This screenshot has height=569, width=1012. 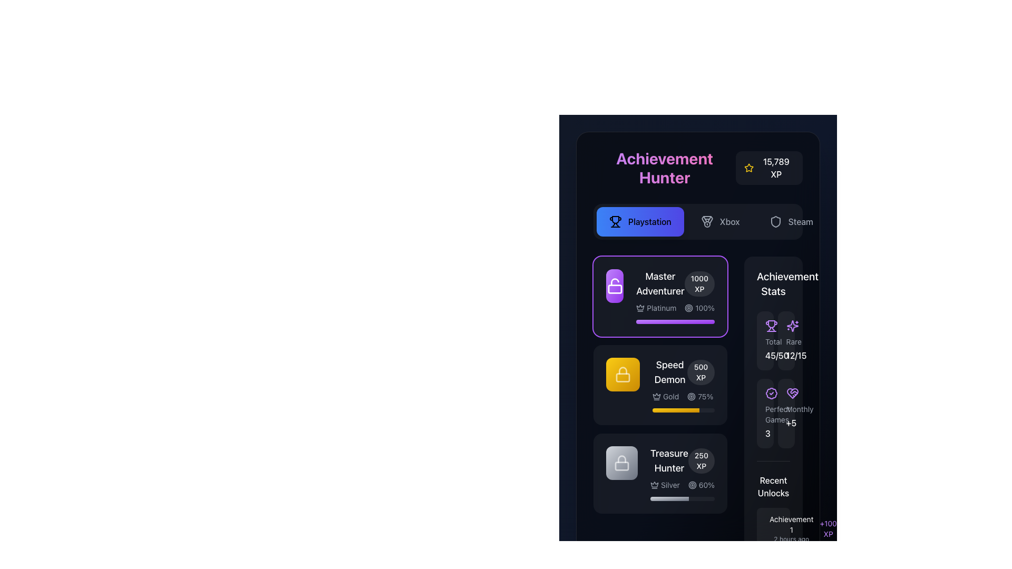 I want to click on the lock icon located in the top left corner of the 'Master Adventurer' card, which indicates secured content or restricted access, so click(x=622, y=369).